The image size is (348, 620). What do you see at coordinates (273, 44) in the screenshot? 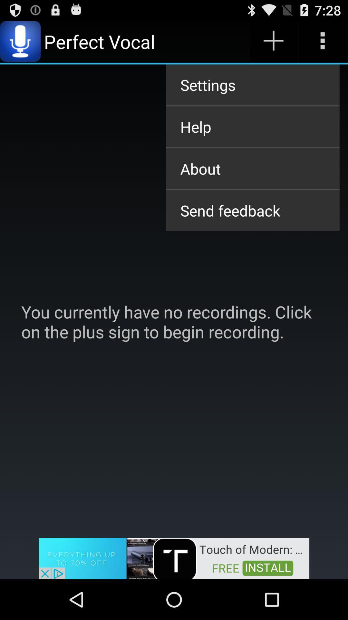
I see `the add icon` at bounding box center [273, 44].